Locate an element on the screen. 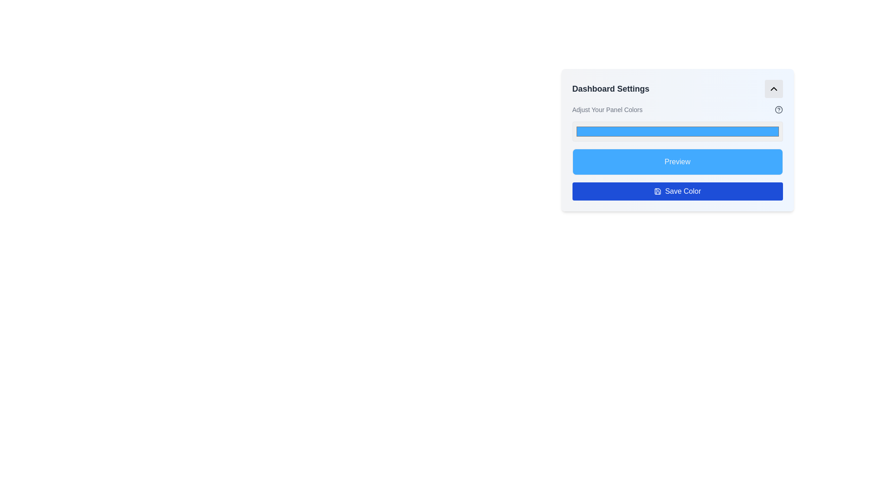  the circular SVG icon representing a help or information feature located in the upper right area of the Dashboard Settings interface is located at coordinates (778, 109).